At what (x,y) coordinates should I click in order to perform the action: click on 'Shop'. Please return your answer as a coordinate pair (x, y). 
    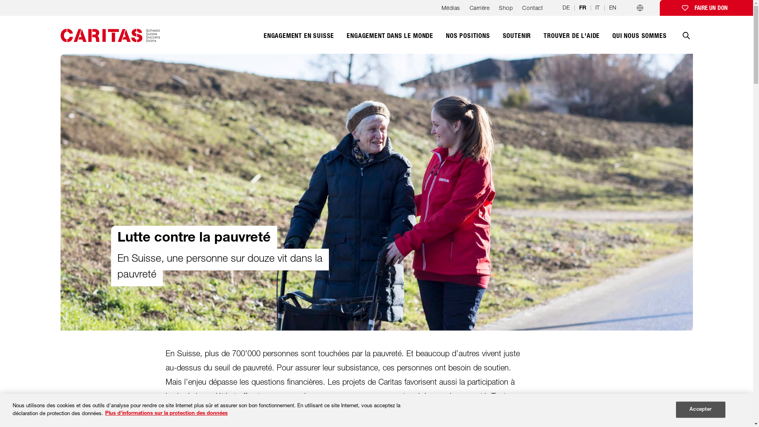
    Looking at the image, I should click on (505, 10).